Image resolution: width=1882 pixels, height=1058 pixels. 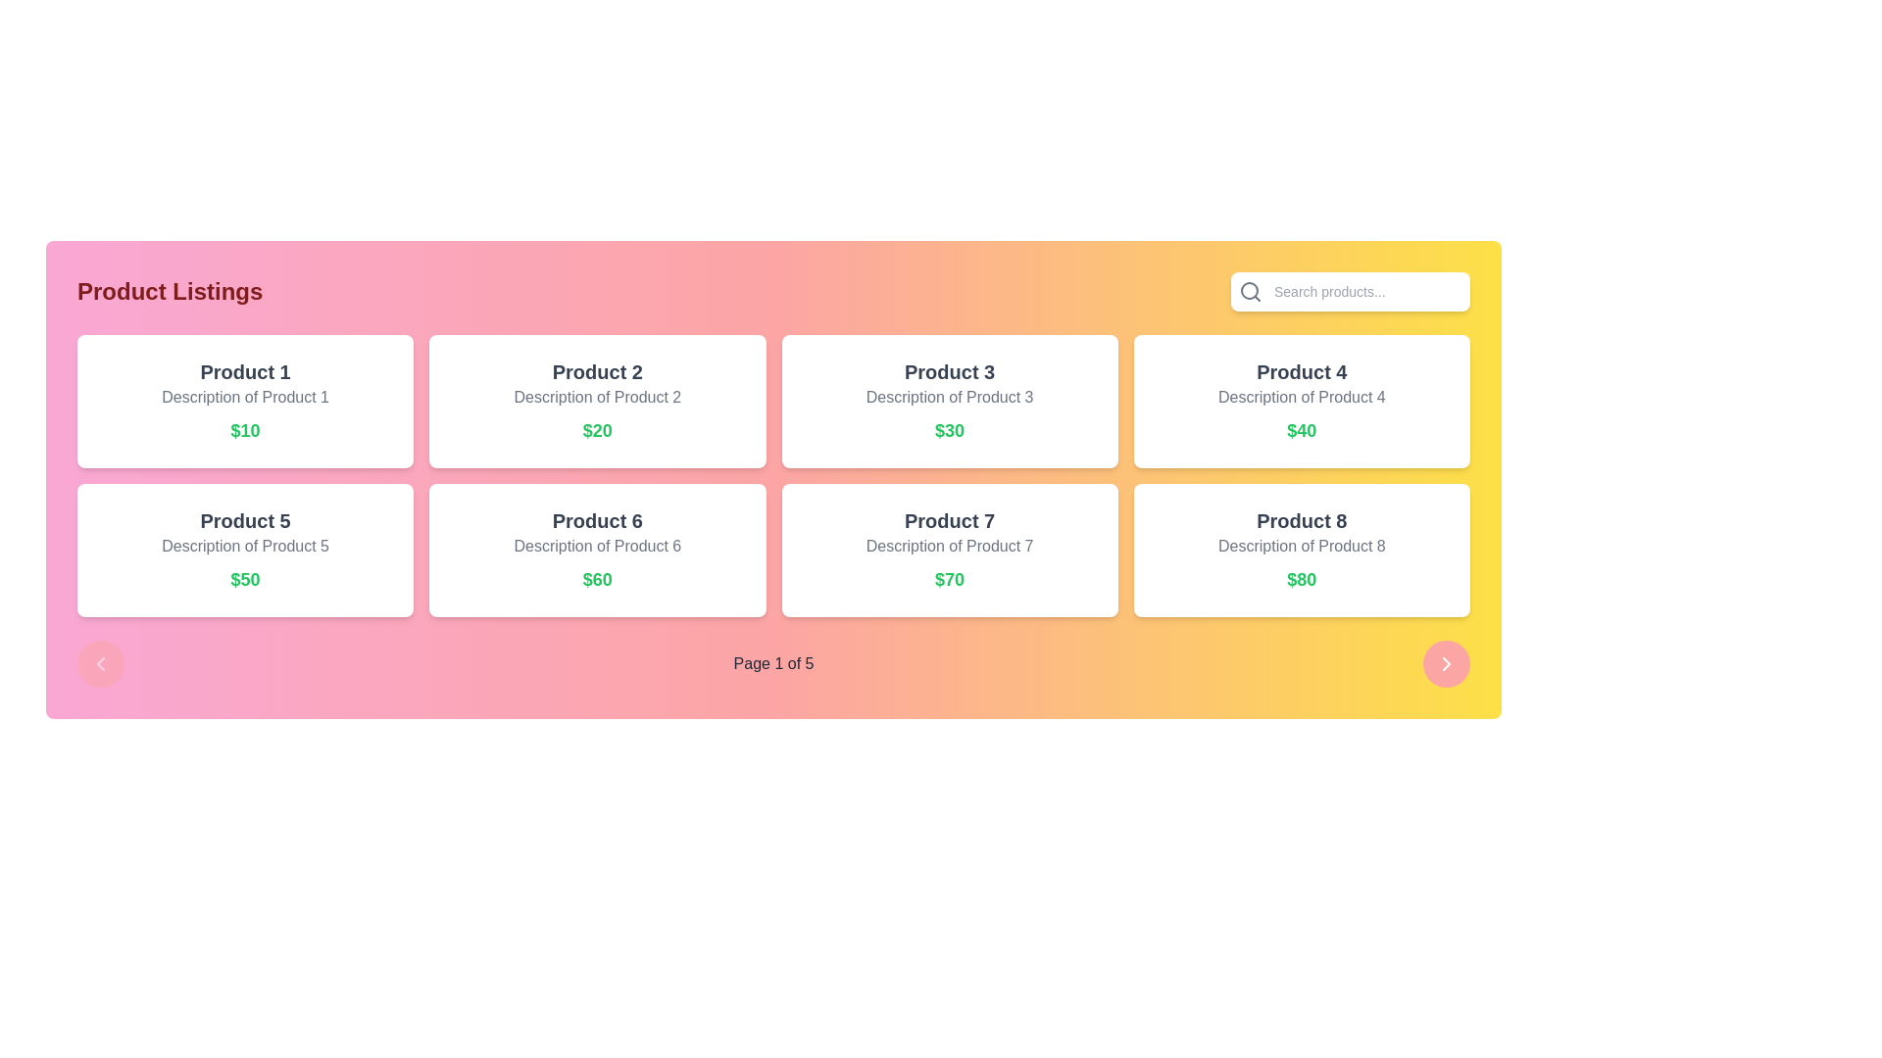 I want to click on text element styled as a heading that displays 'Product Listings' in bold red font, located at the top-left corner of the horizontal bar, so click(x=170, y=291).